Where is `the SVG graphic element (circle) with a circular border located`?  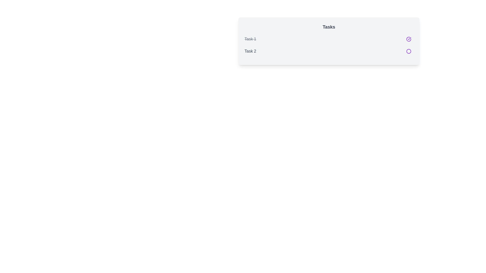 the SVG graphic element (circle) with a circular border located is located at coordinates (409, 51).